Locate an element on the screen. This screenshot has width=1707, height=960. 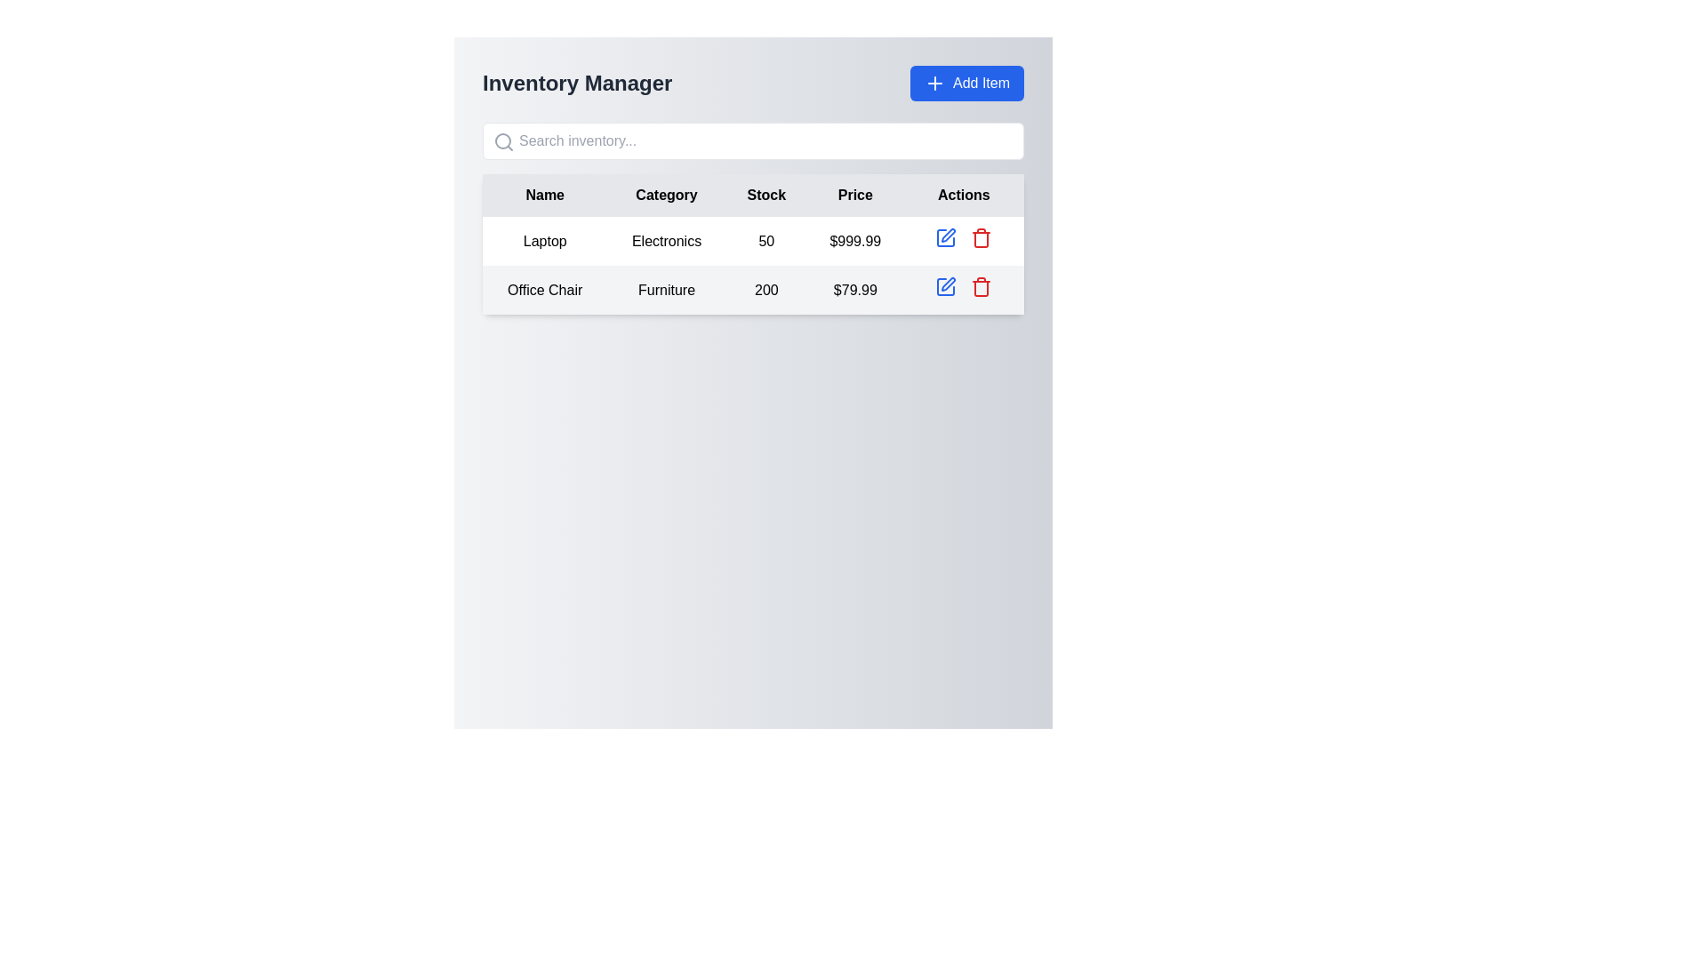
the 'Edit' icon in the Actions column of the second row associated with the 'Office Chair' item is located at coordinates (948, 284).